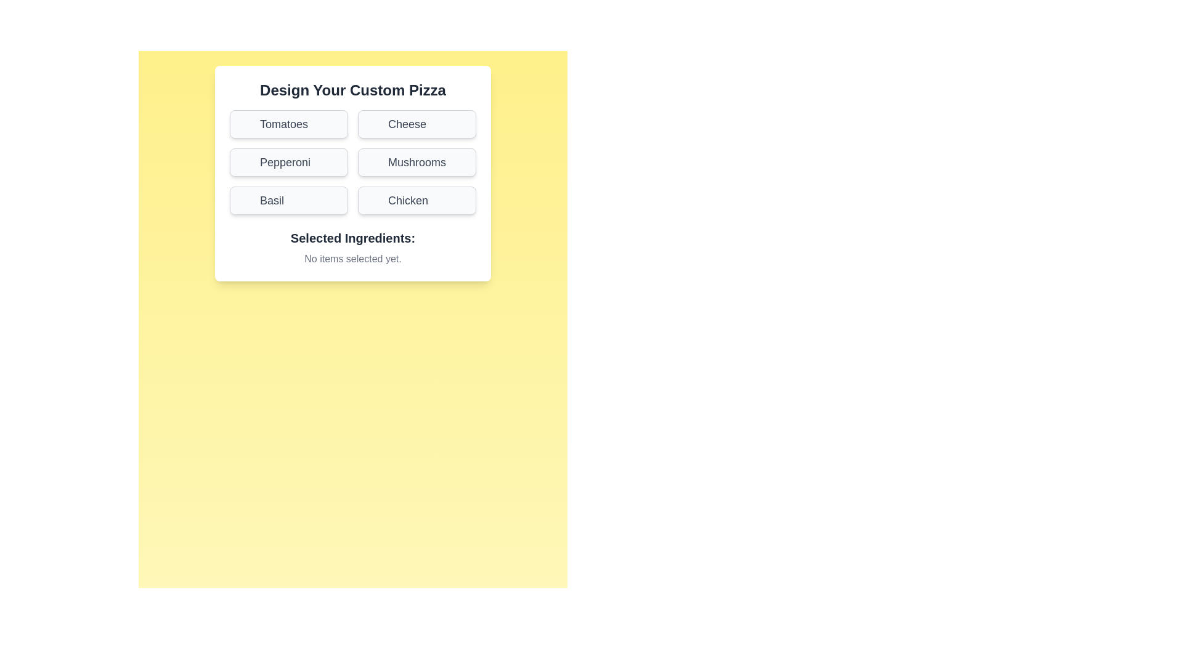  What do you see at coordinates (417, 124) in the screenshot?
I see `the ingredient button labeled Cheese to toggle its selection` at bounding box center [417, 124].